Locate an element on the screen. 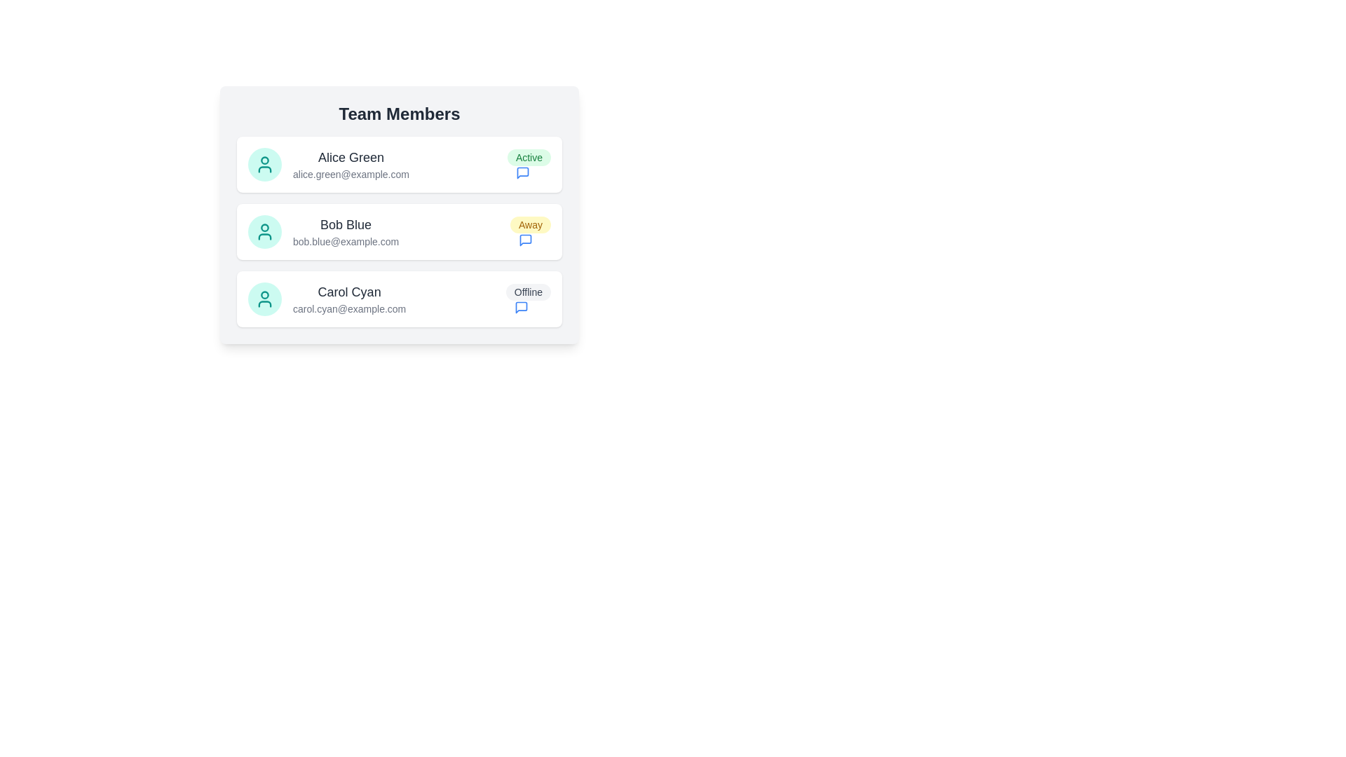  the graphical representation (circle) indicating status or profile detail next to 'Alice Green' in the Team Members list is located at coordinates (265, 159).